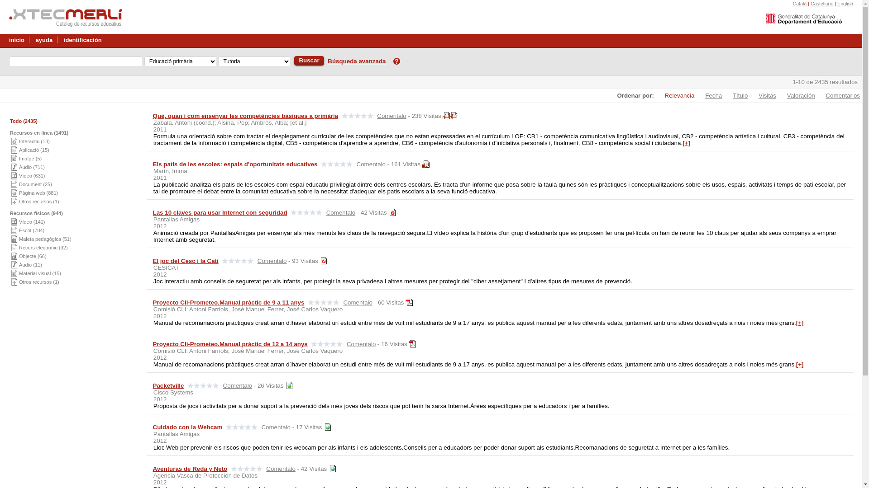 The image size is (869, 488). I want to click on 'Buscar', so click(309, 61).